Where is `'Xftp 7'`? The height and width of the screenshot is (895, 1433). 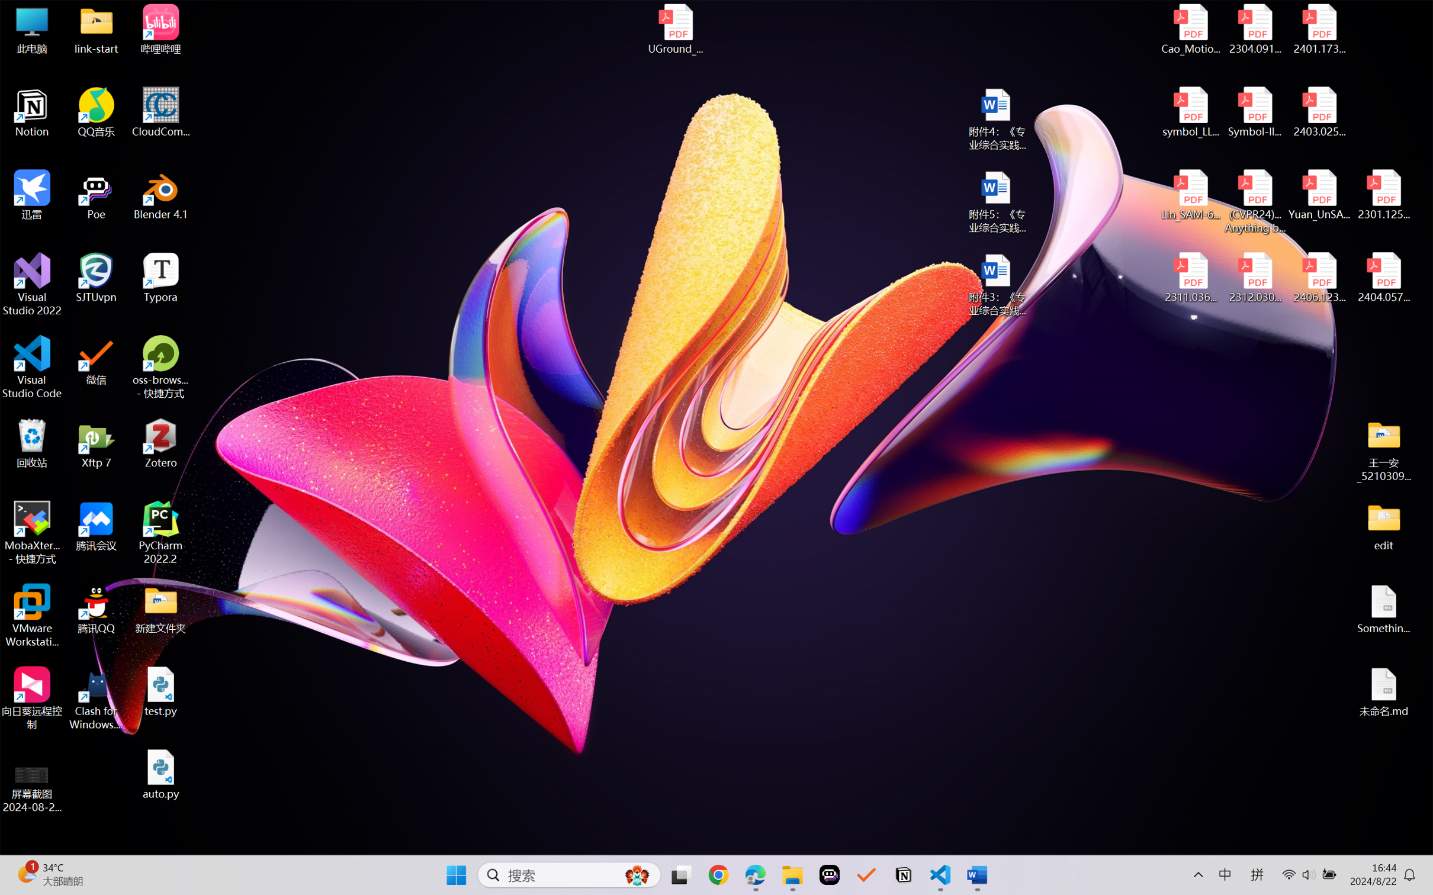
'Xftp 7' is located at coordinates (97, 443).